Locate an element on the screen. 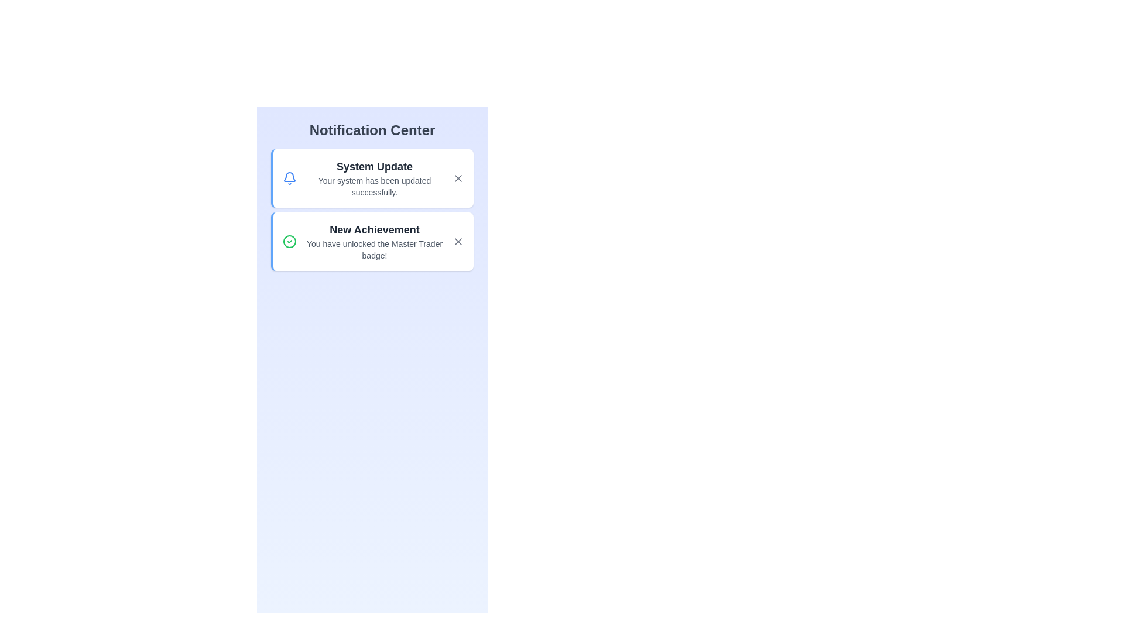  the gray diagonal cross icon ("X") within the second notification card titled "New Achievement" is located at coordinates (457, 241).